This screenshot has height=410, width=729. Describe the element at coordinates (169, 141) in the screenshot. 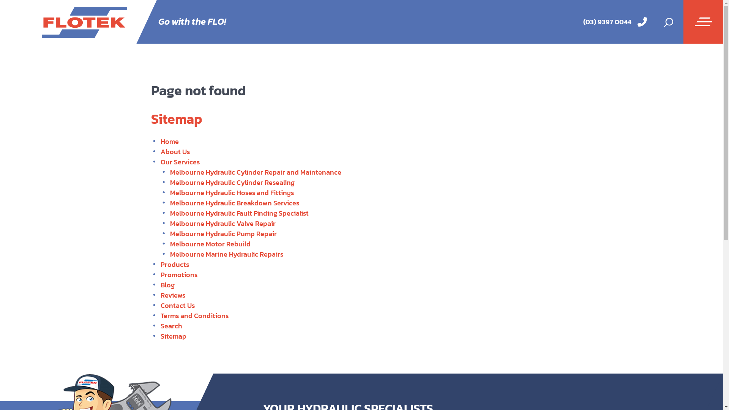

I see `'Home'` at that location.